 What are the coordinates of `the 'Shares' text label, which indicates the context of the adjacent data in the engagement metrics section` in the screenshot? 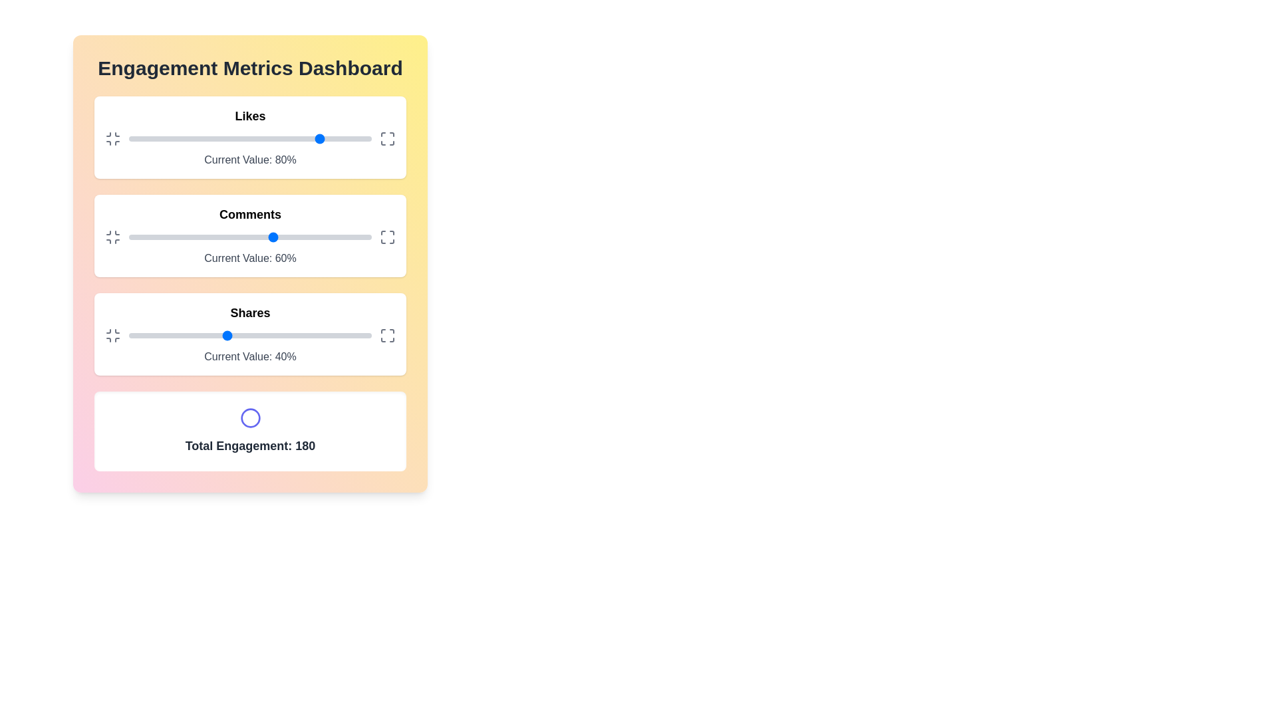 It's located at (250, 312).